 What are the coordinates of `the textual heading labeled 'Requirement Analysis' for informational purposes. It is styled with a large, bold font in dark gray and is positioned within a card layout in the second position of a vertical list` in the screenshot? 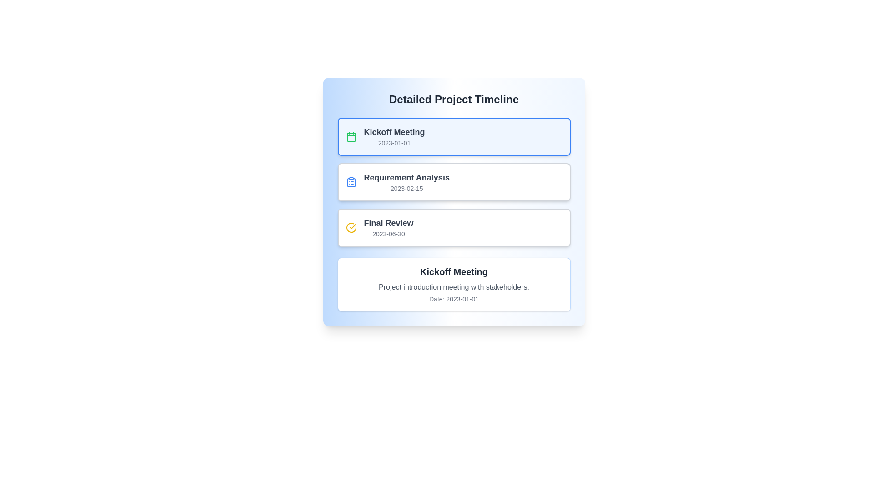 It's located at (406, 177).